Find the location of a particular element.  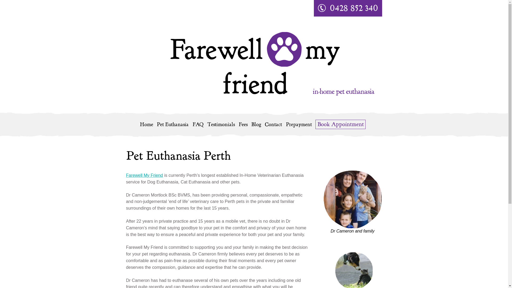

'Dr Cameron and family' is located at coordinates (353, 199).